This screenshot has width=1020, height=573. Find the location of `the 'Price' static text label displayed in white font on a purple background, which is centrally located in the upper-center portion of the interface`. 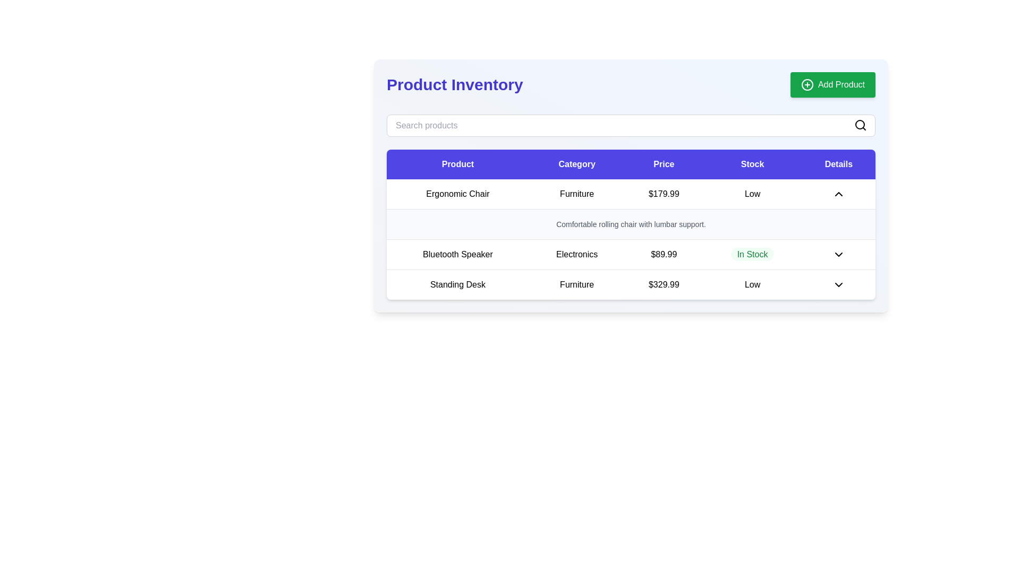

the 'Price' static text label displayed in white font on a purple background, which is centrally located in the upper-center portion of the interface is located at coordinates (663, 164).